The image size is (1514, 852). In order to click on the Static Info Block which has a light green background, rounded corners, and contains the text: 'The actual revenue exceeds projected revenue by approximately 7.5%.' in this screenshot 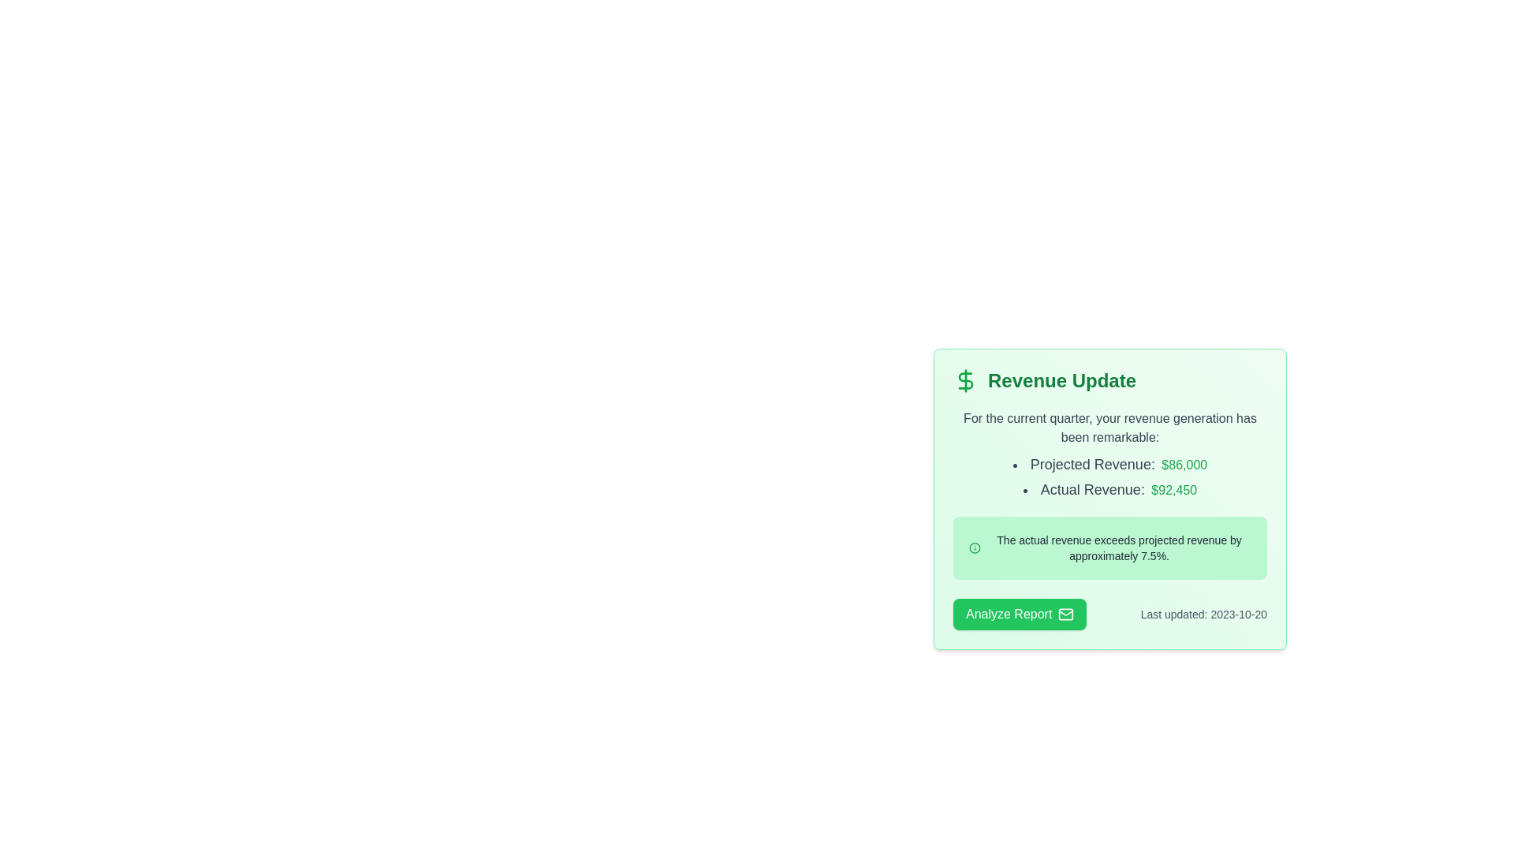, I will do `click(1109, 547)`.